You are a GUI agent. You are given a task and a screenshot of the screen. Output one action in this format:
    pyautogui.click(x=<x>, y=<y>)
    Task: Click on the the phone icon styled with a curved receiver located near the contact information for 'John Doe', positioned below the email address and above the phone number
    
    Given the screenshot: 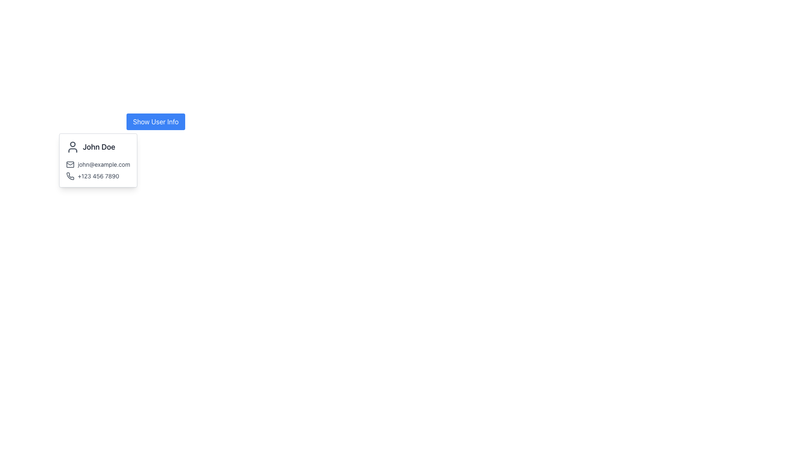 What is the action you would take?
    pyautogui.click(x=70, y=176)
    